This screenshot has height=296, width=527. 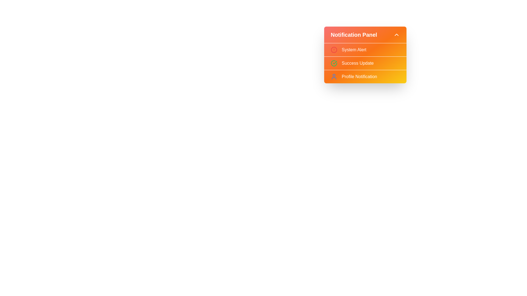 What do you see at coordinates (365, 50) in the screenshot?
I see `the notification item System Alert from the list` at bounding box center [365, 50].